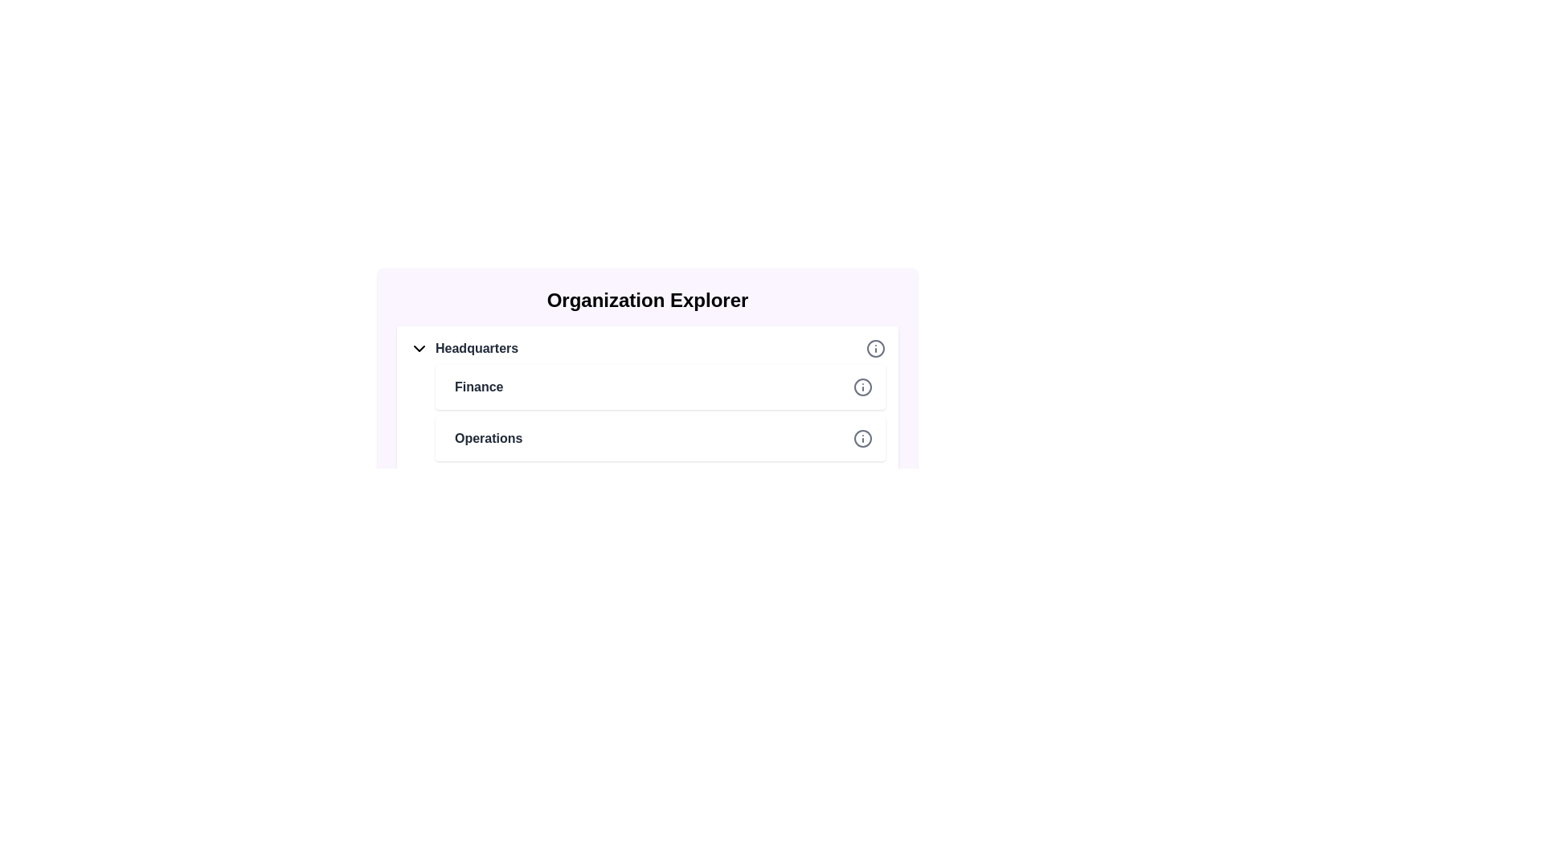 This screenshot has width=1543, height=868. Describe the element at coordinates (660, 387) in the screenshot. I see `the List item component representing 'Finance' located under the 'Headquarters' section, which is the second item in the vertical list` at that location.